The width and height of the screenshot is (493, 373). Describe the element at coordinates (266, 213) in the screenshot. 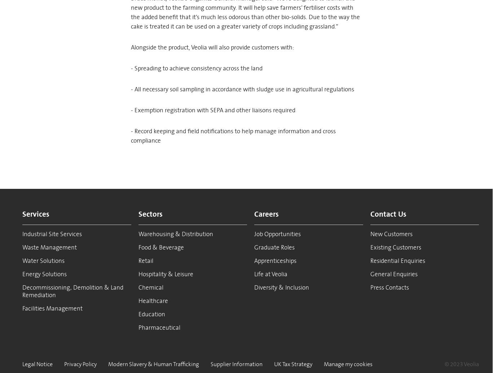

I see `'Careers'` at that location.